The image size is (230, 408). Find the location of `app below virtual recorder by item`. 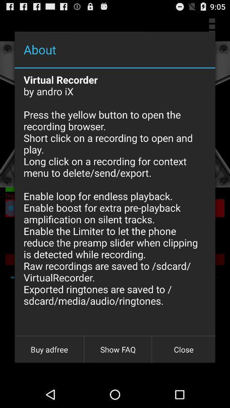

app below virtual recorder by item is located at coordinates (49, 349).